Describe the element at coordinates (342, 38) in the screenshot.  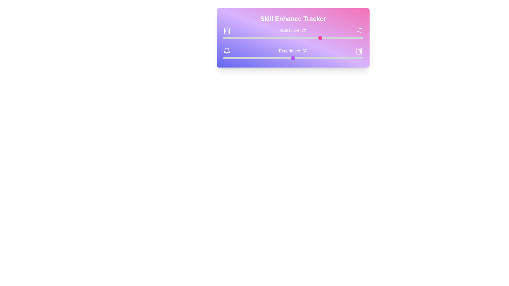
I see `the skill level slider to 85` at that location.